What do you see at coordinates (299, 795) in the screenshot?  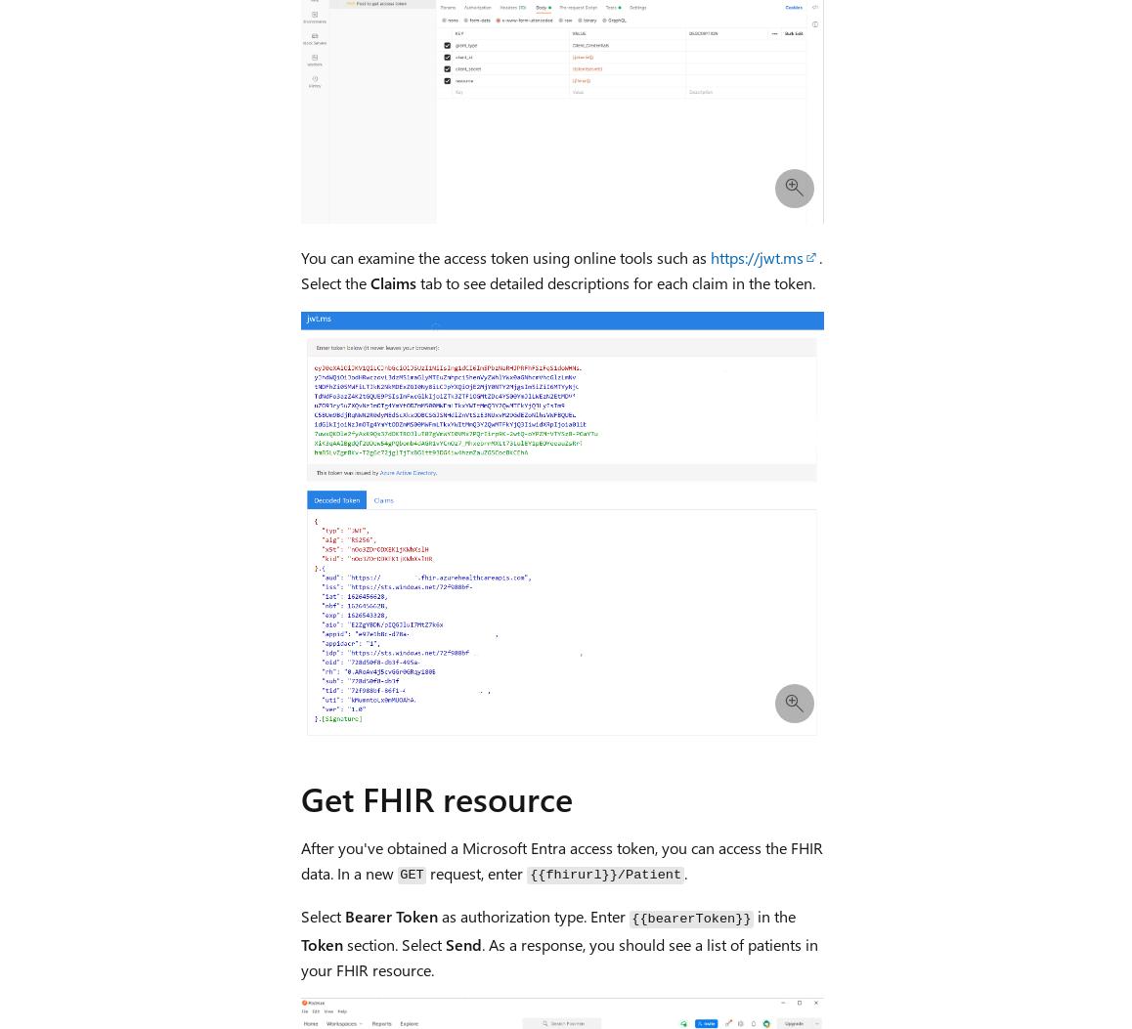 I see `'Get FHIR resource'` at bounding box center [299, 795].